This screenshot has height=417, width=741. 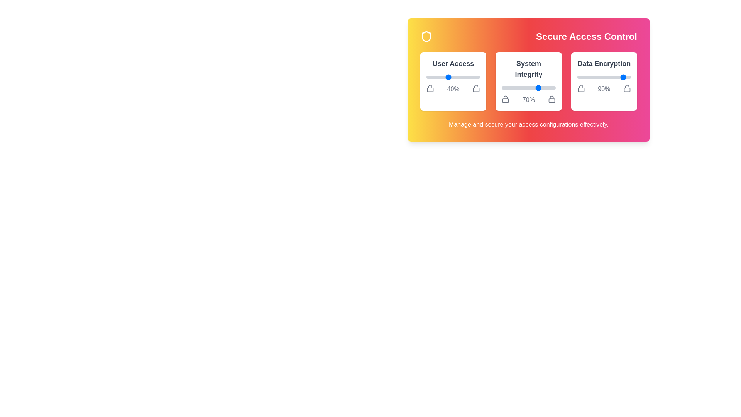 What do you see at coordinates (453, 77) in the screenshot?
I see `the slider for 'User Access' to observe its hover effect` at bounding box center [453, 77].